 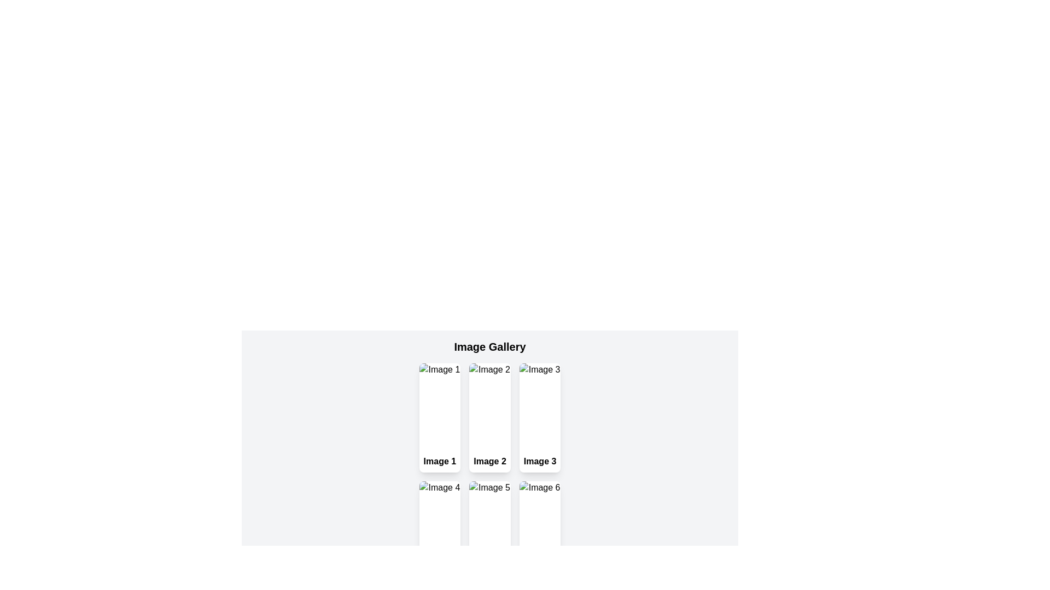 I want to click on the rectangular image placeholder labeled 'Image 6', so click(x=540, y=524).